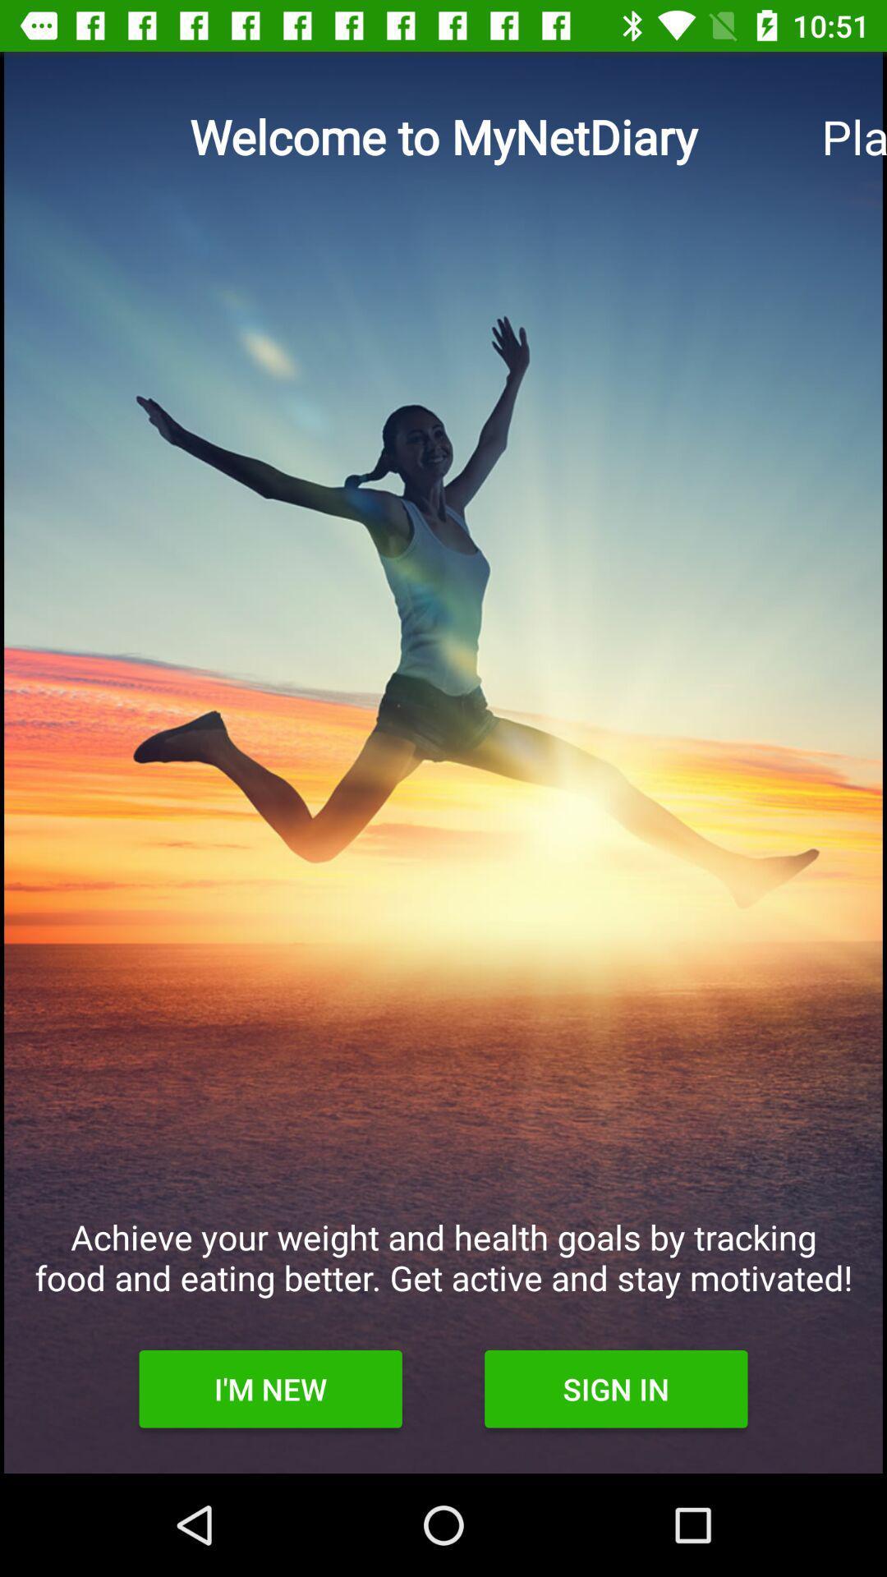 This screenshot has width=887, height=1577. What do you see at coordinates (616, 1388) in the screenshot?
I see `the icon at the bottom right corner` at bounding box center [616, 1388].